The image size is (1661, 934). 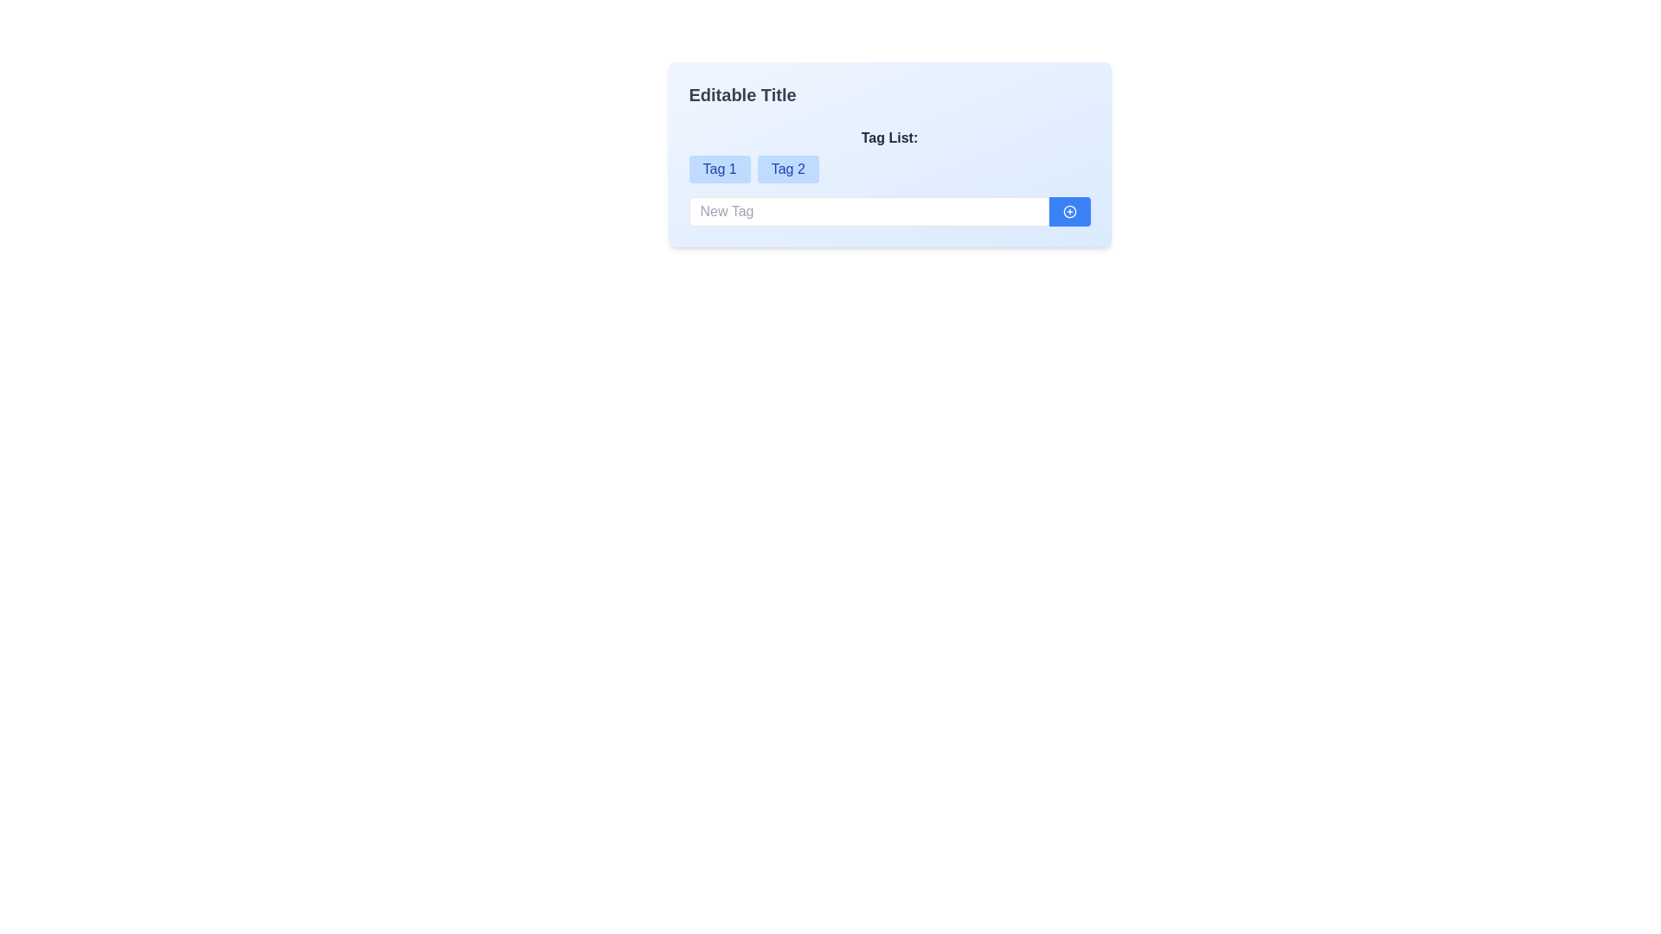 What do you see at coordinates (1068, 211) in the screenshot?
I see `the circular button with a plus sign in the center, which is enclosed in a blue rounded rectangular button` at bounding box center [1068, 211].